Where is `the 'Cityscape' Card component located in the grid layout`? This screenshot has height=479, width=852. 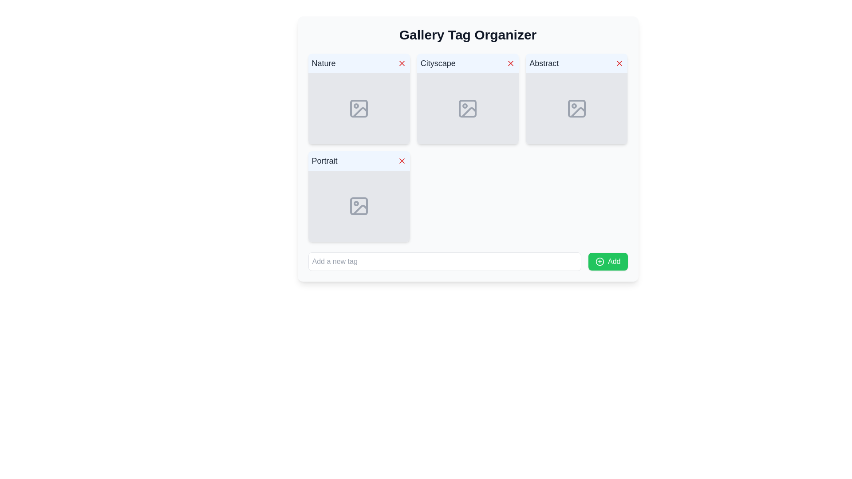 the 'Cityscape' Card component located in the grid layout is located at coordinates (467, 99).